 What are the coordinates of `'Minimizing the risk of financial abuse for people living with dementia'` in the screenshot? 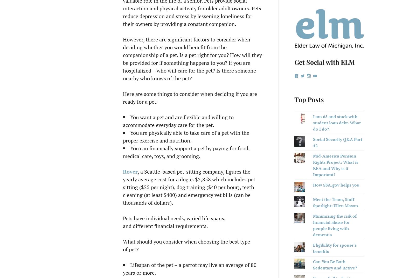 It's located at (334, 225).